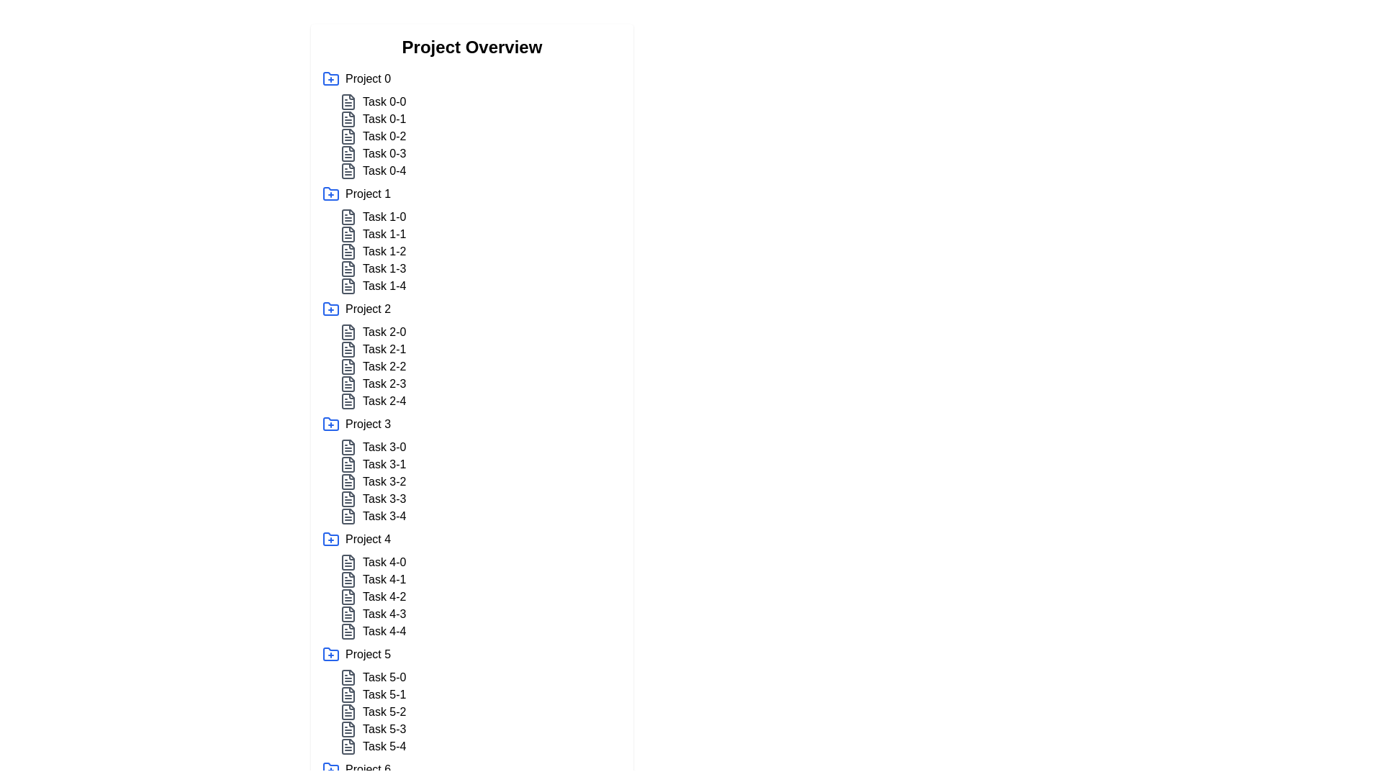 This screenshot has height=777, width=1382. Describe the element at coordinates (368, 79) in the screenshot. I see `the project label located to the right of the folder icon in the hierarchical list` at that location.